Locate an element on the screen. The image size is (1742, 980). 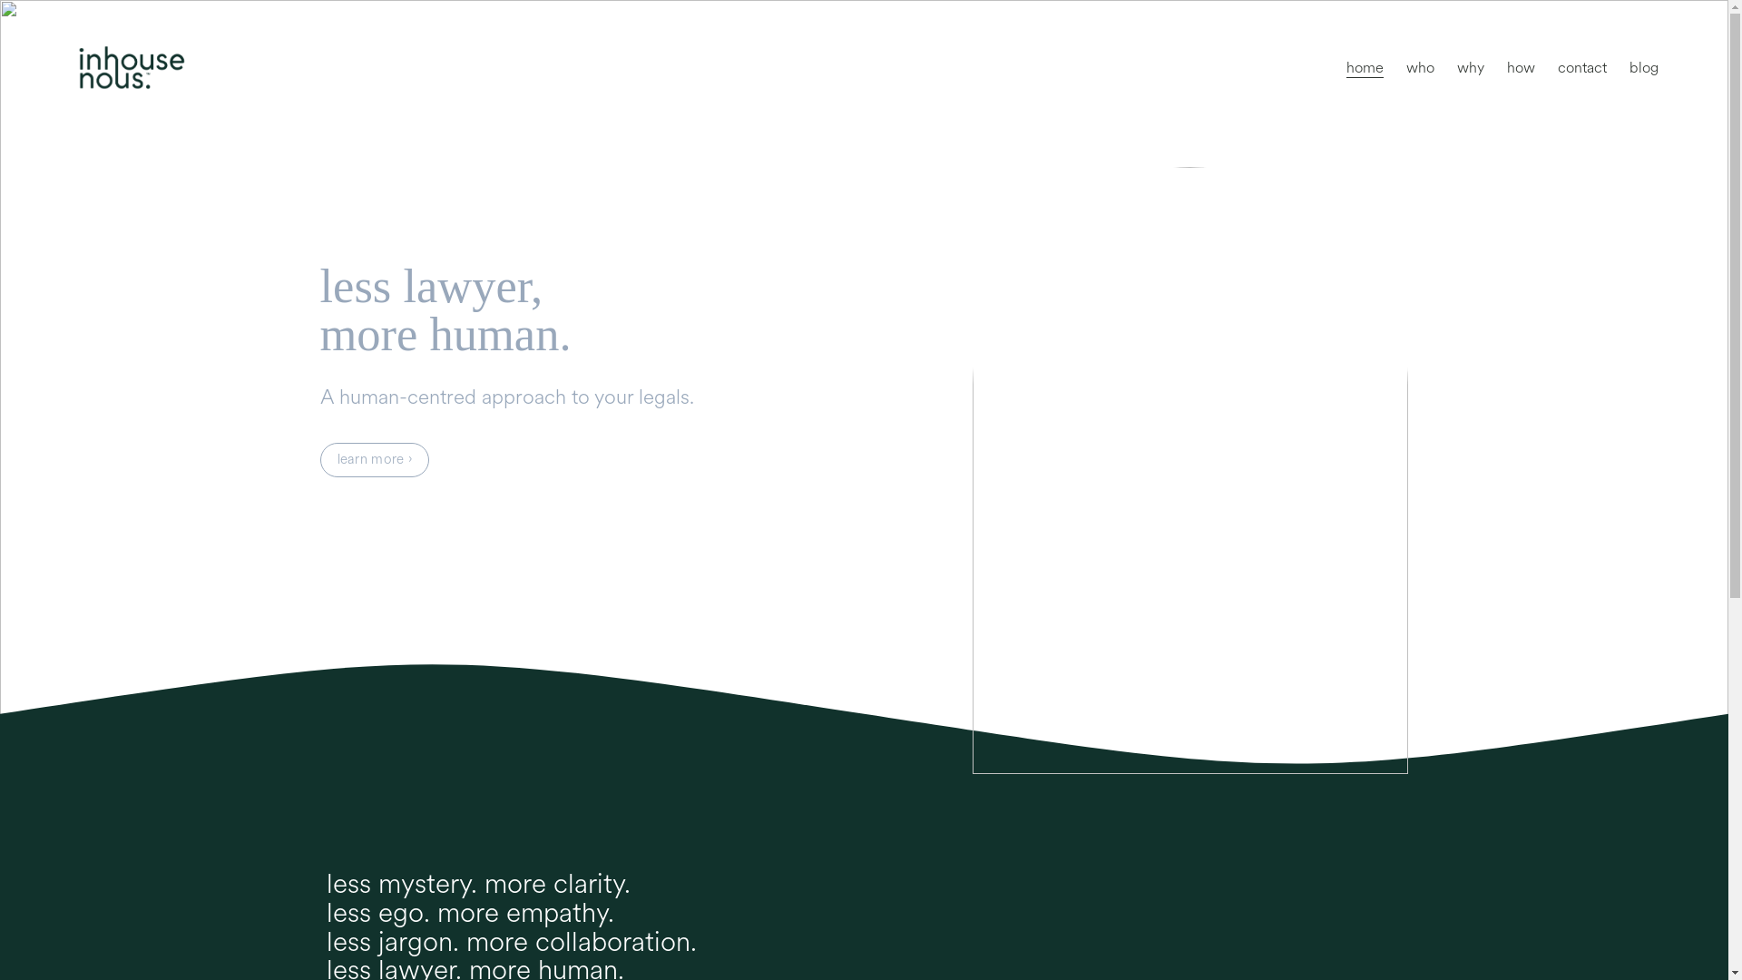
'contact' is located at coordinates (1581, 66).